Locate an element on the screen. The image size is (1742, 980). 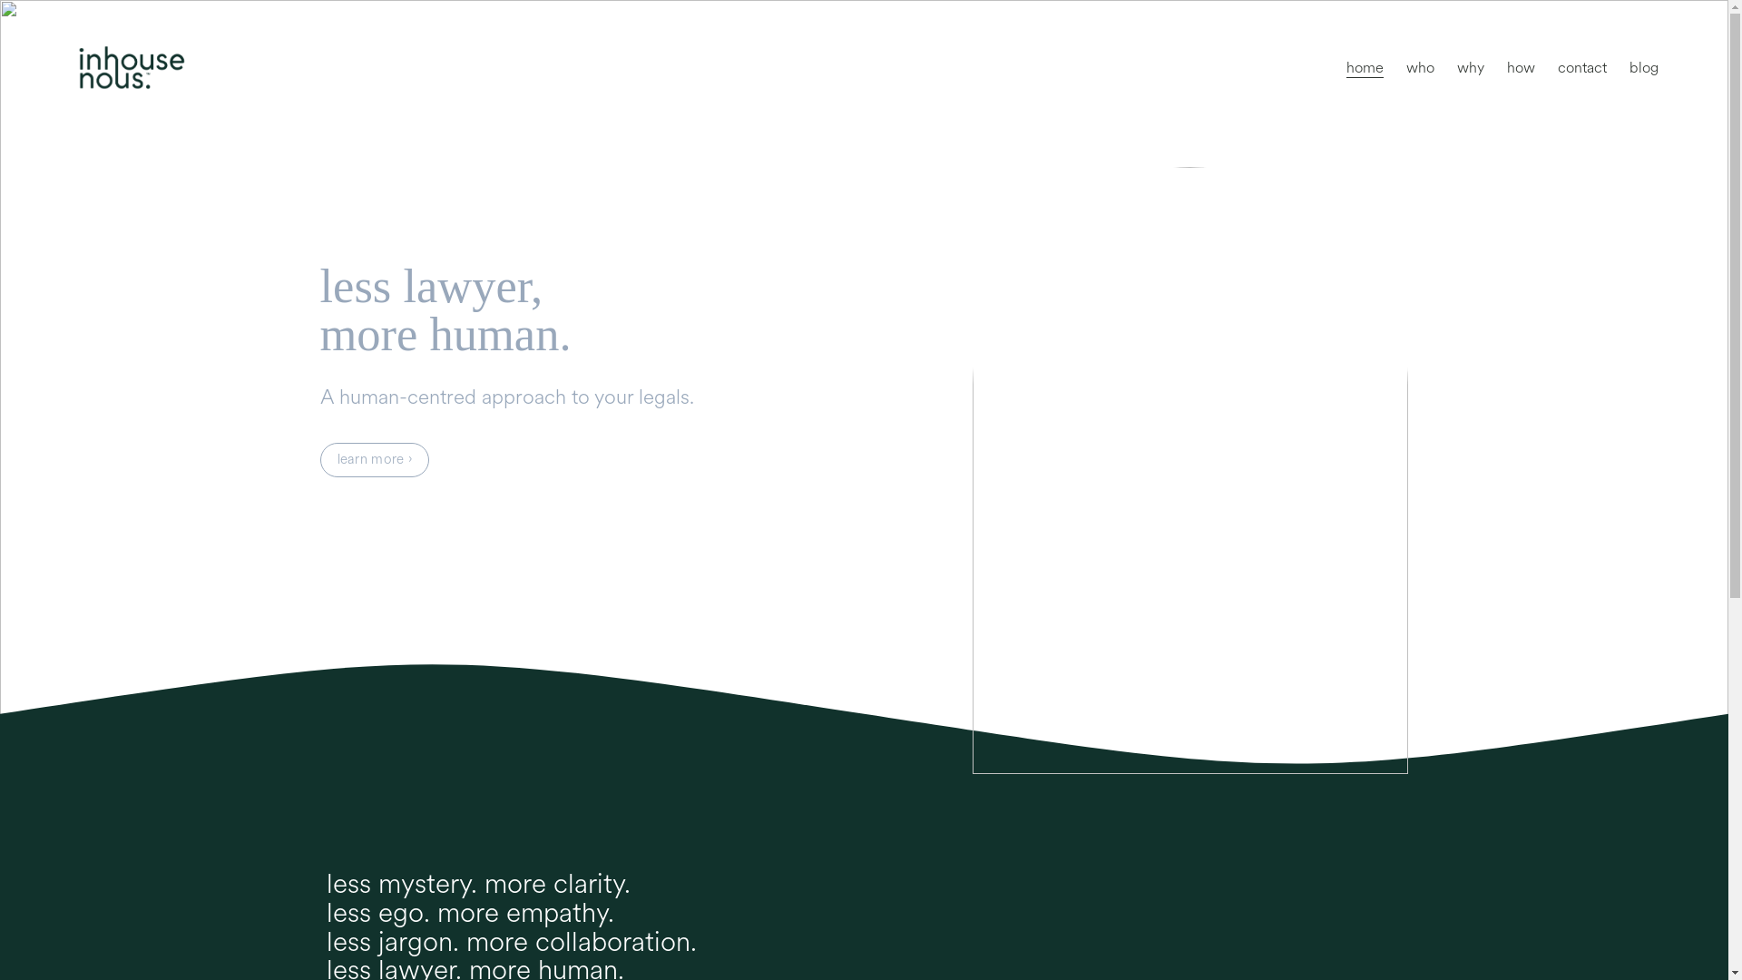
'contact' is located at coordinates (1581, 66).